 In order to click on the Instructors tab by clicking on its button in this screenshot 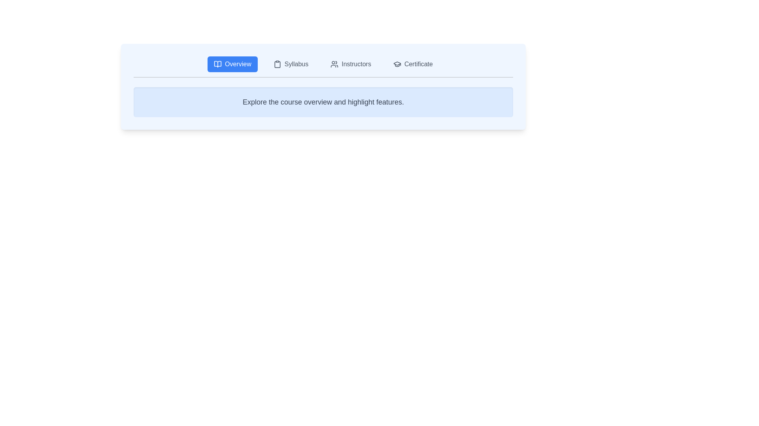, I will do `click(350, 64)`.